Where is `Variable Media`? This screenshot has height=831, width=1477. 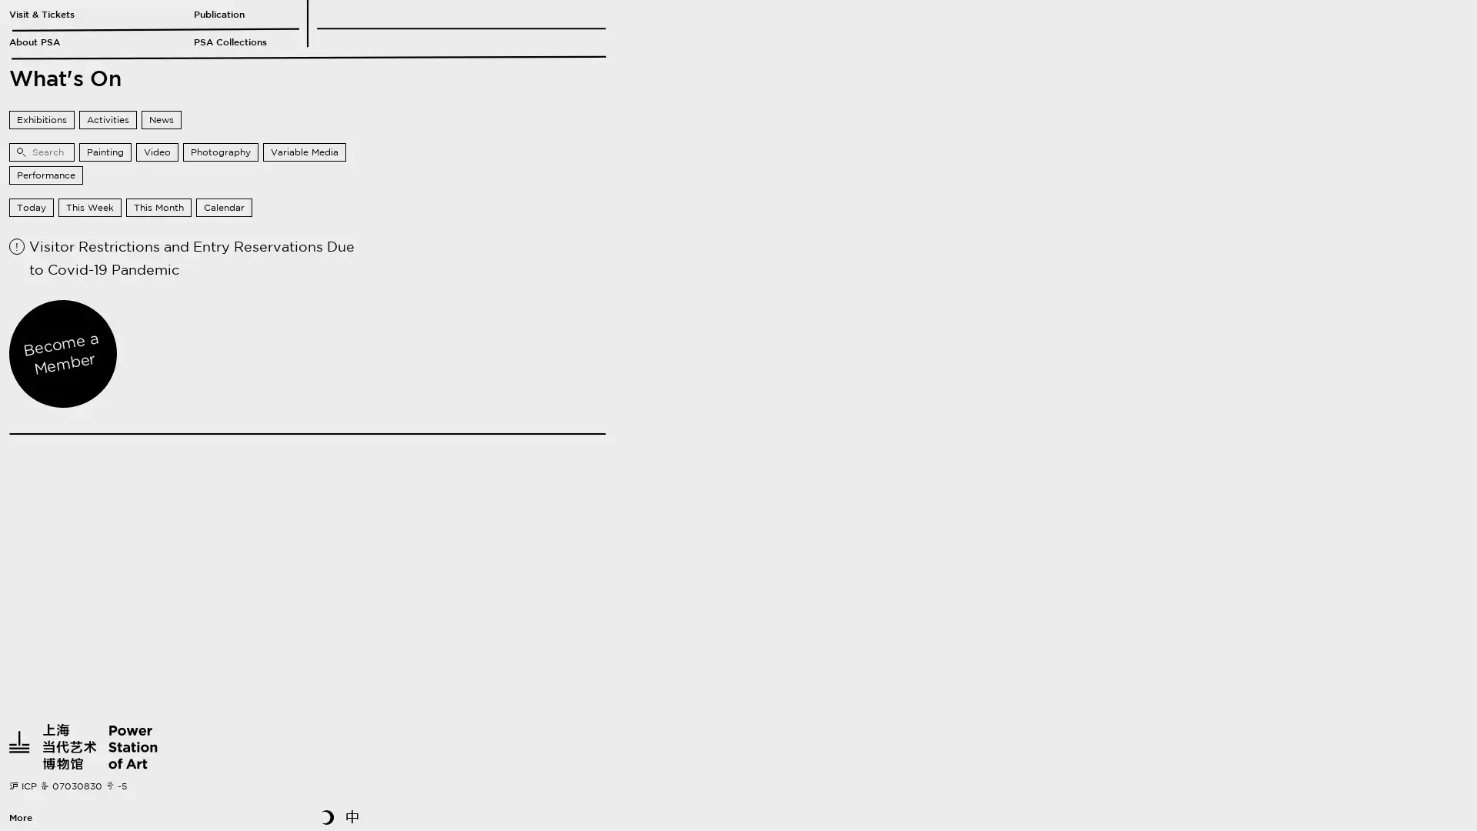
Variable Media is located at coordinates (304, 152).